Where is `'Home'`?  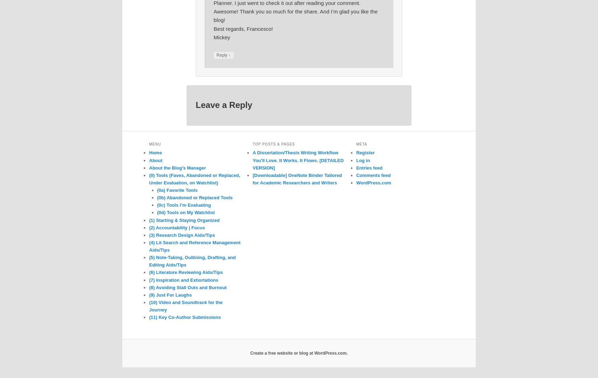
'Home' is located at coordinates (155, 153).